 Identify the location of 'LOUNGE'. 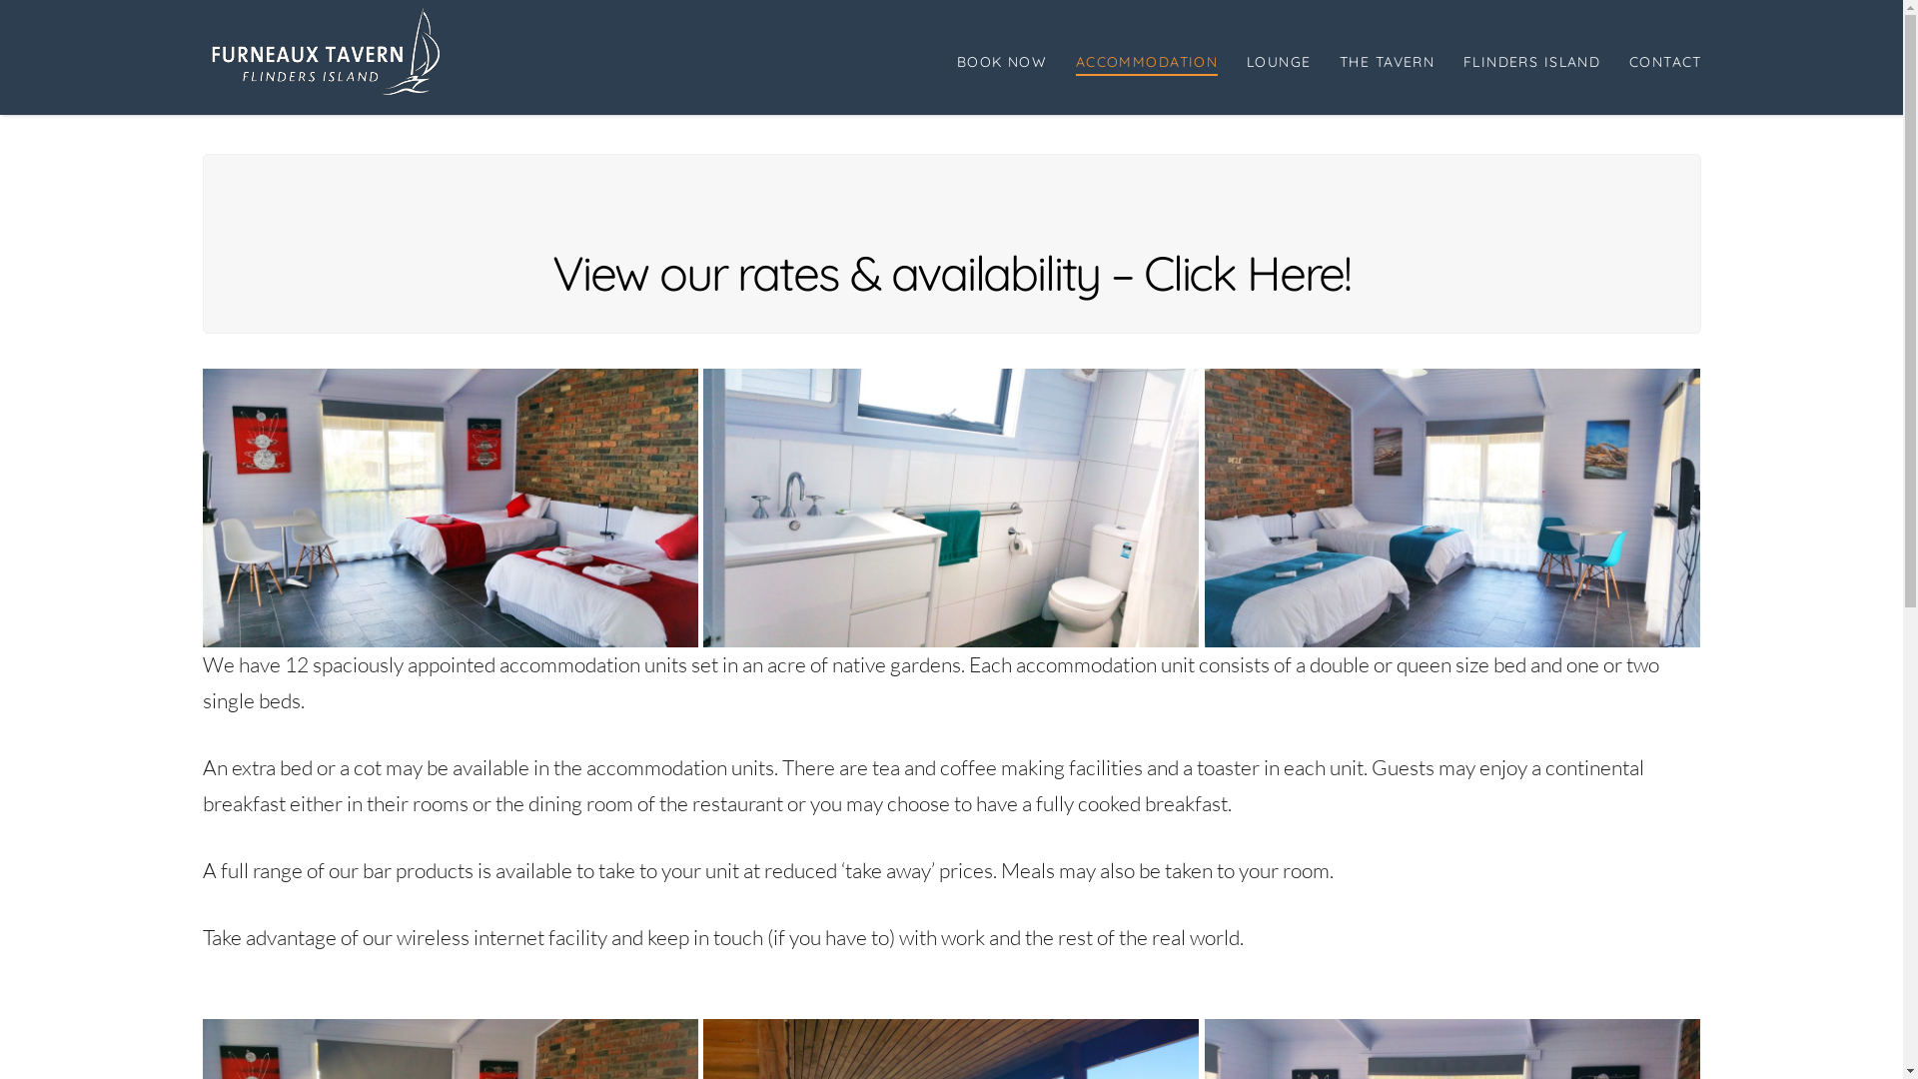
(1277, 56).